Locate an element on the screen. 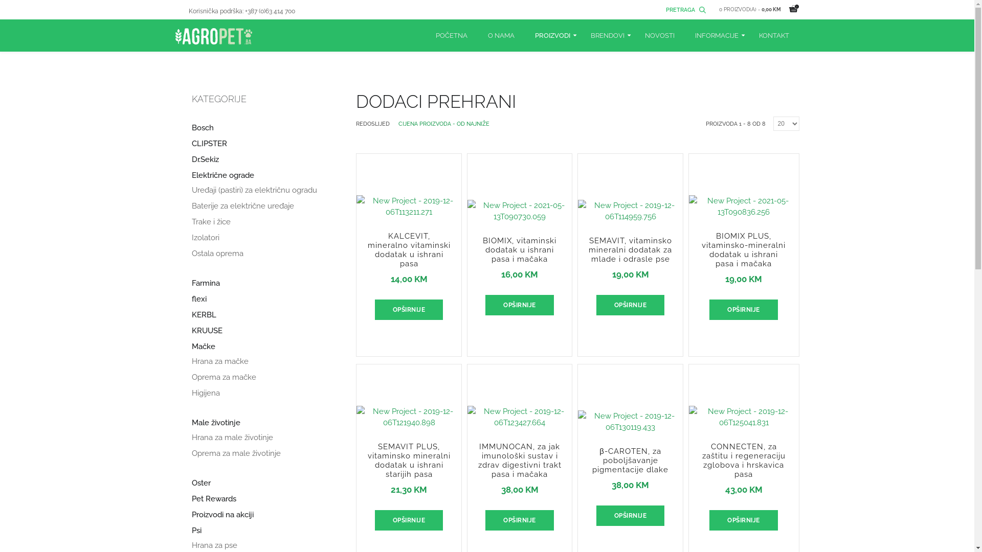 The image size is (982, 552). 'BRENDOVI' is located at coordinates (579, 35).